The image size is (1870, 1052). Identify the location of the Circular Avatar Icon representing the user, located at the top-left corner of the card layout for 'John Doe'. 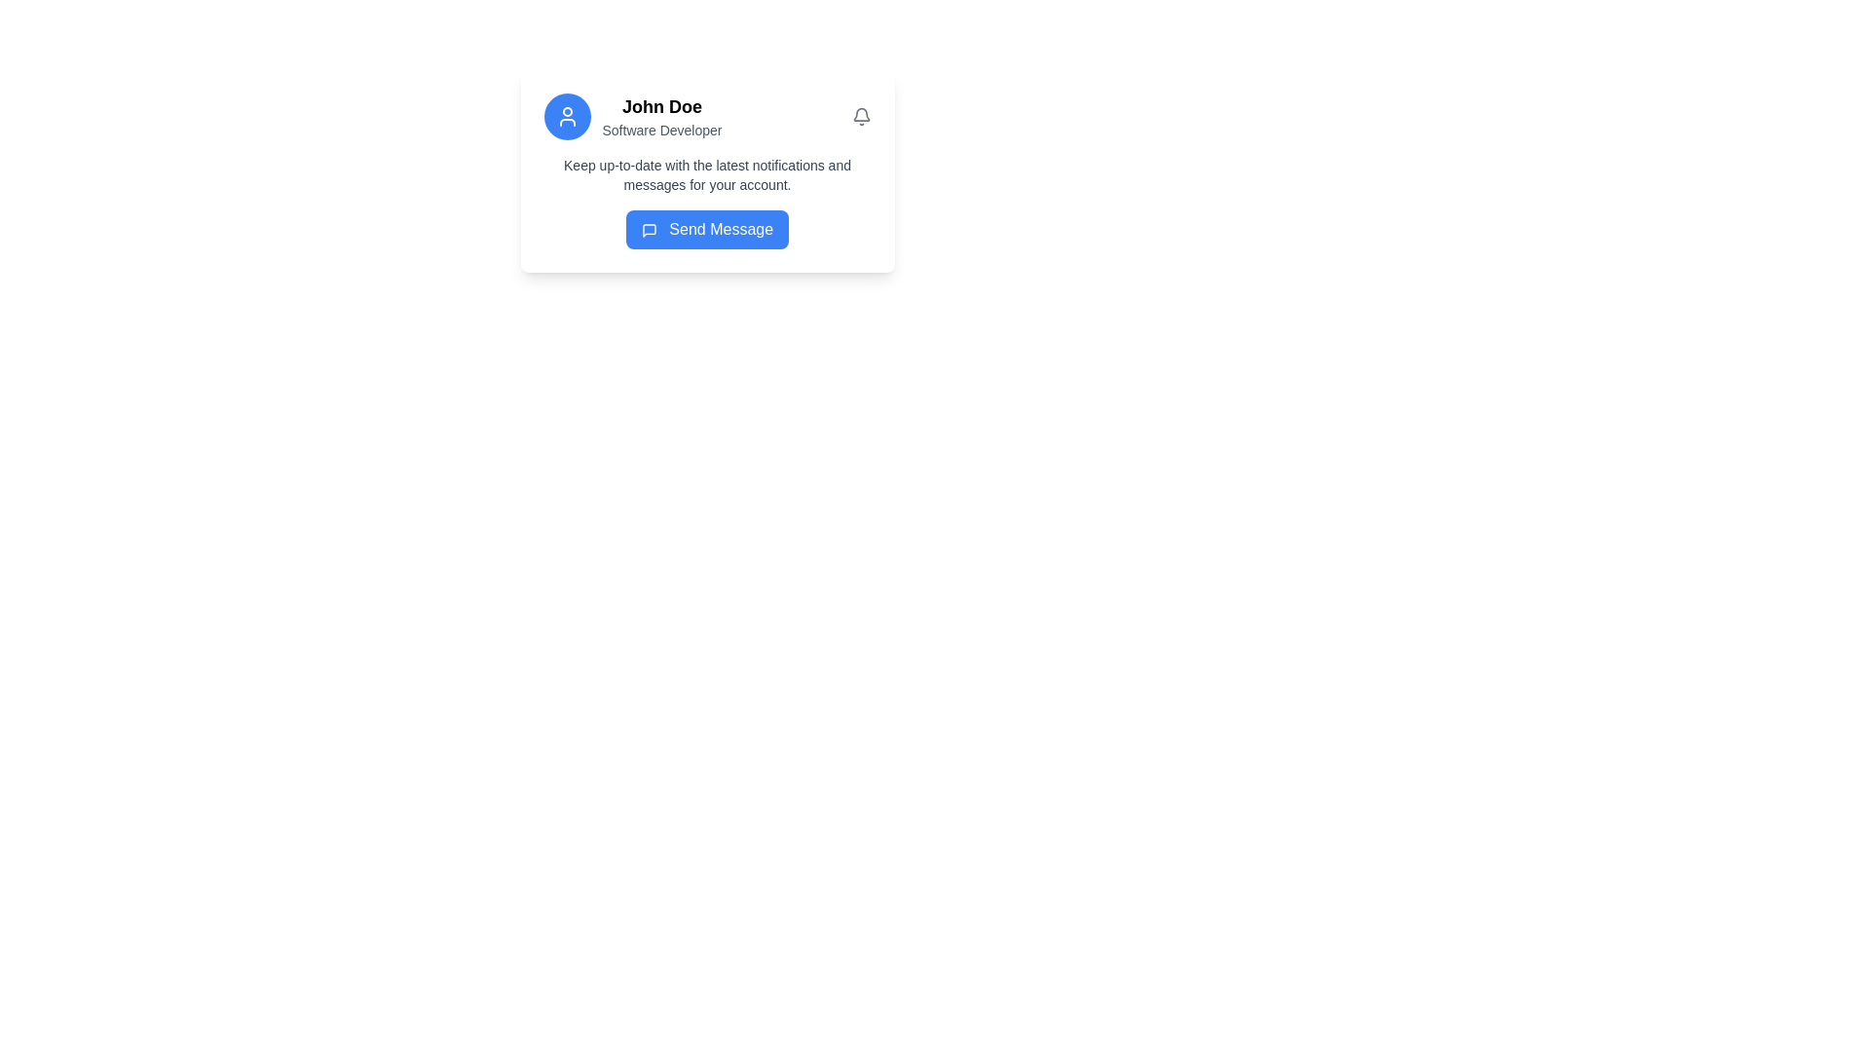
(566, 116).